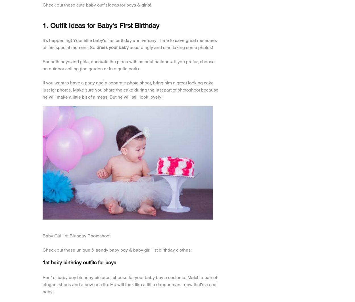 Image resolution: width=355 pixels, height=302 pixels. Describe the element at coordinates (112, 47) in the screenshot. I see `'dress your baby'` at that location.